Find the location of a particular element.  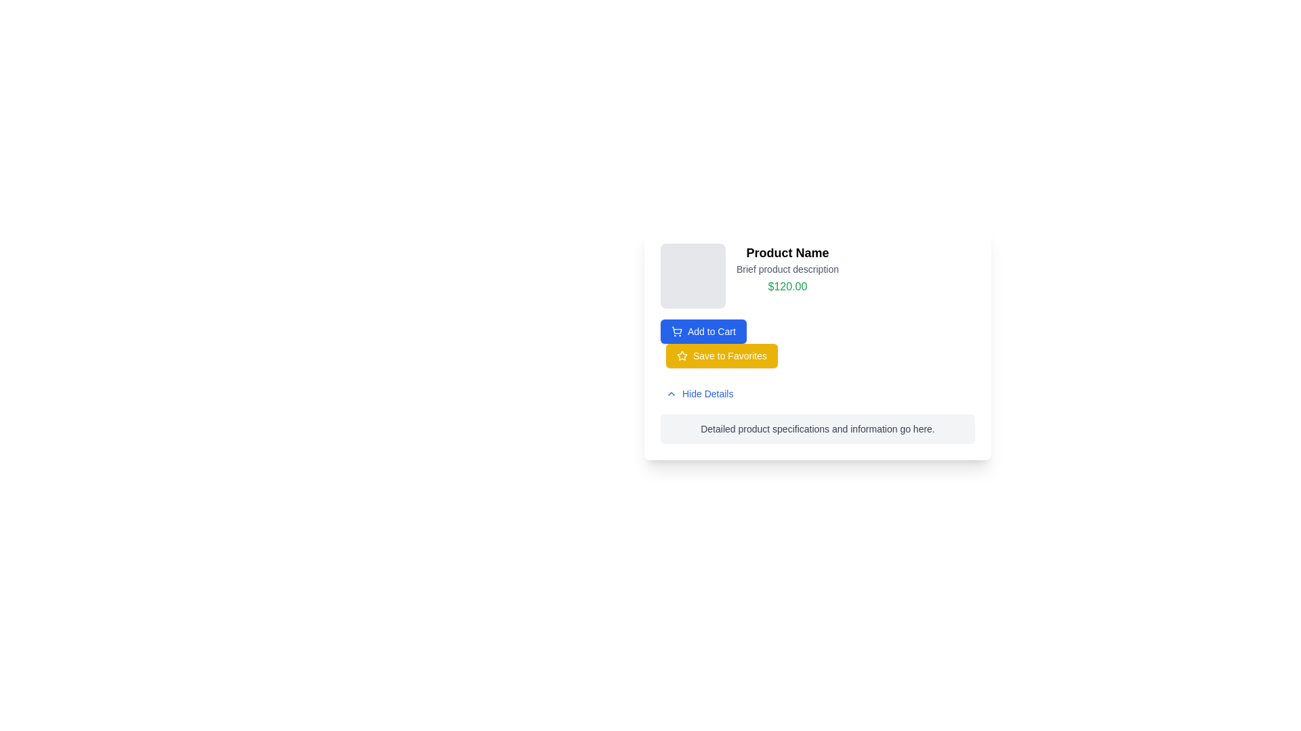

the 'Hide Details' button, which is a blue text link with a chevron-up icon is located at coordinates (699, 394).